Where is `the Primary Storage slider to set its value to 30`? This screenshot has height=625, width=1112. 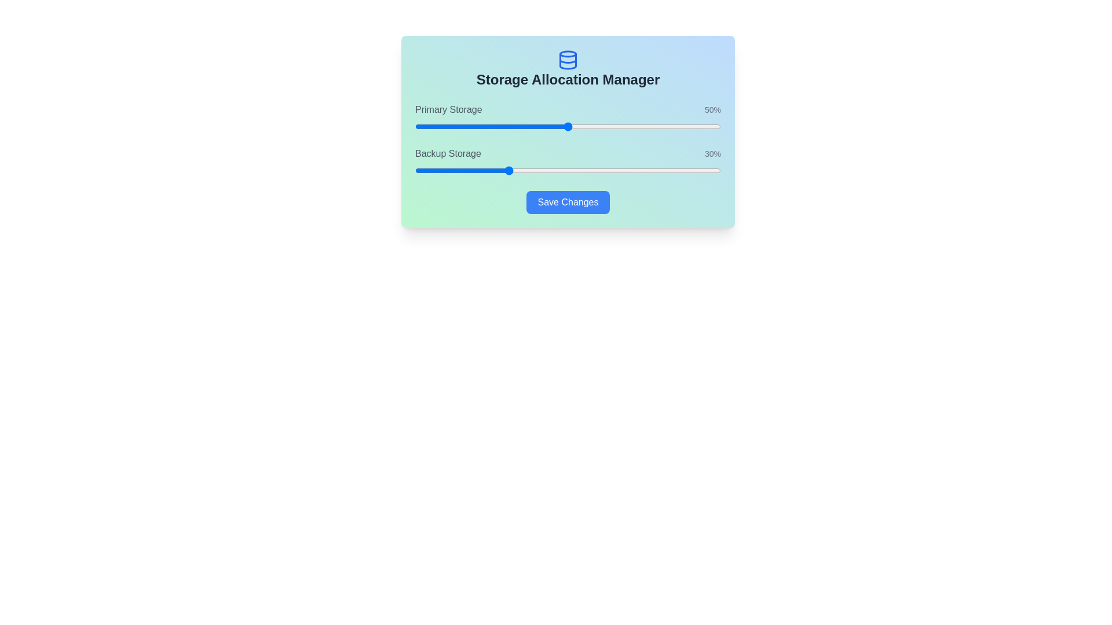
the Primary Storage slider to set its value to 30 is located at coordinates (507, 127).